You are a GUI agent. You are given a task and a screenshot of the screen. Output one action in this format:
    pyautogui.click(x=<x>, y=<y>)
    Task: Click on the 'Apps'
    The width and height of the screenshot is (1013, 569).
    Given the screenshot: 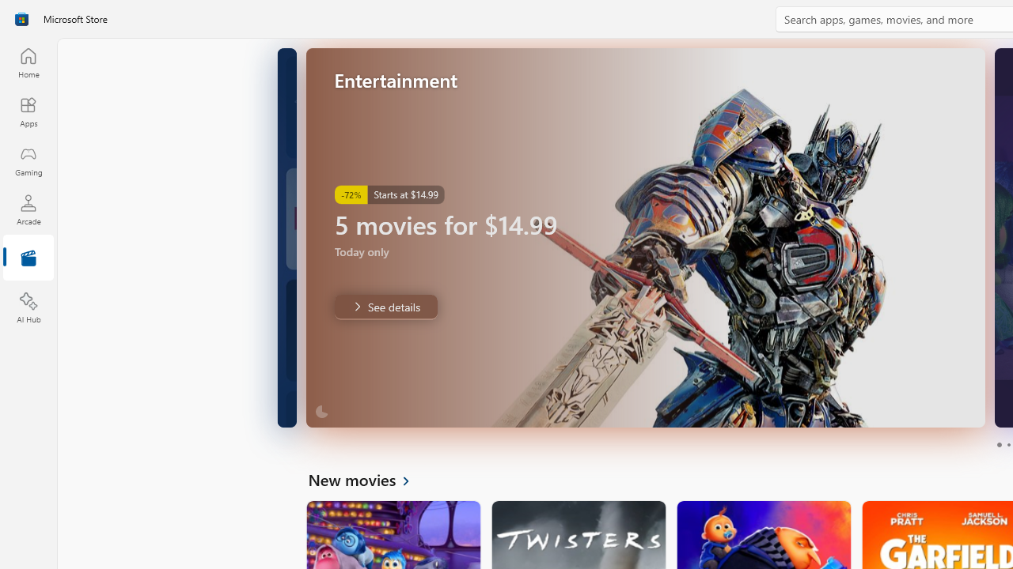 What is the action you would take?
    pyautogui.click(x=28, y=111)
    